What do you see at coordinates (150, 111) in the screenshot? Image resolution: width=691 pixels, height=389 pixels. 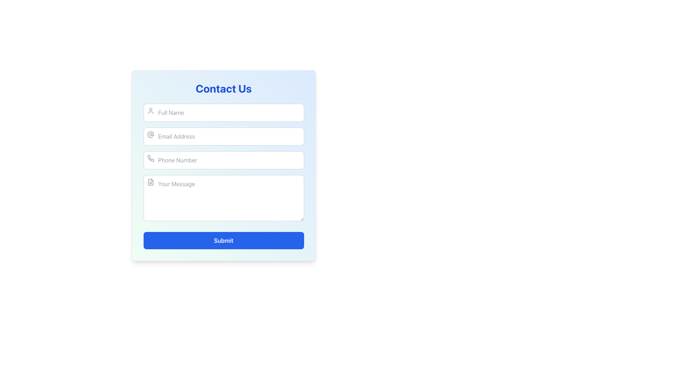 I see `the user profile icon located to the left of the 'Full Name' text input field in the contact form` at bounding box center [150, 111].